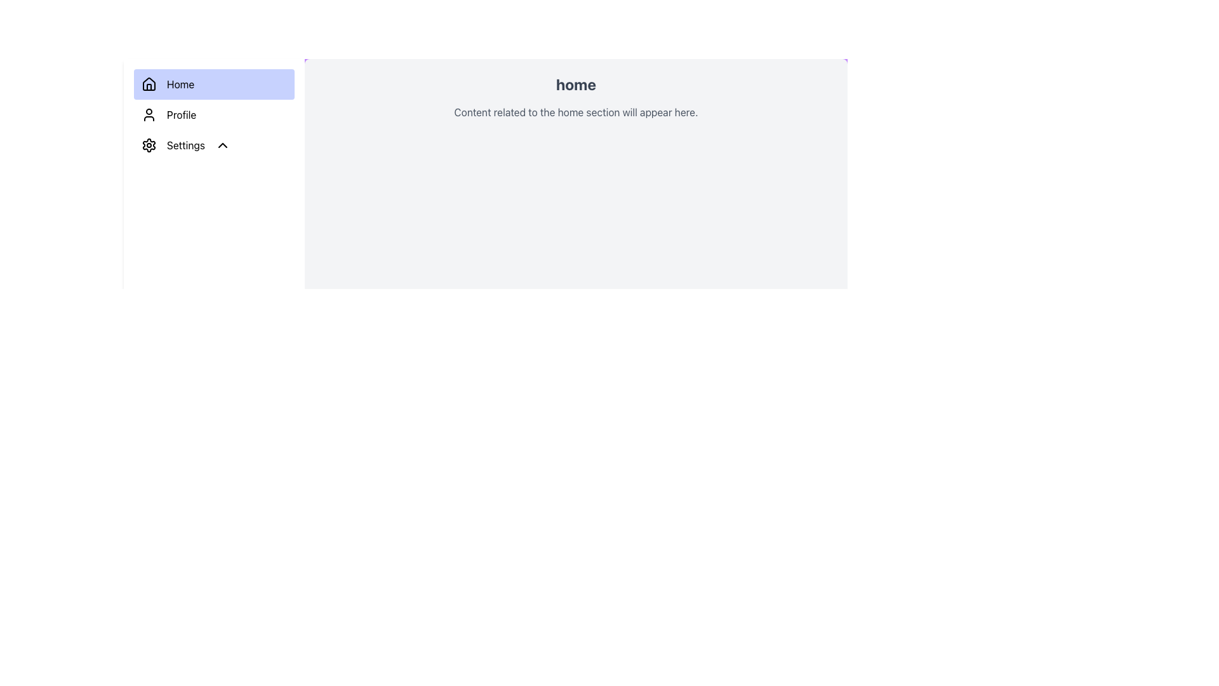 This screenshot has height=686, width=1219. Describe the element at coordinates (149, 144) in the screenshot. I see `the gear-shaped icon in the settings section of the sidebar menu` at that location.